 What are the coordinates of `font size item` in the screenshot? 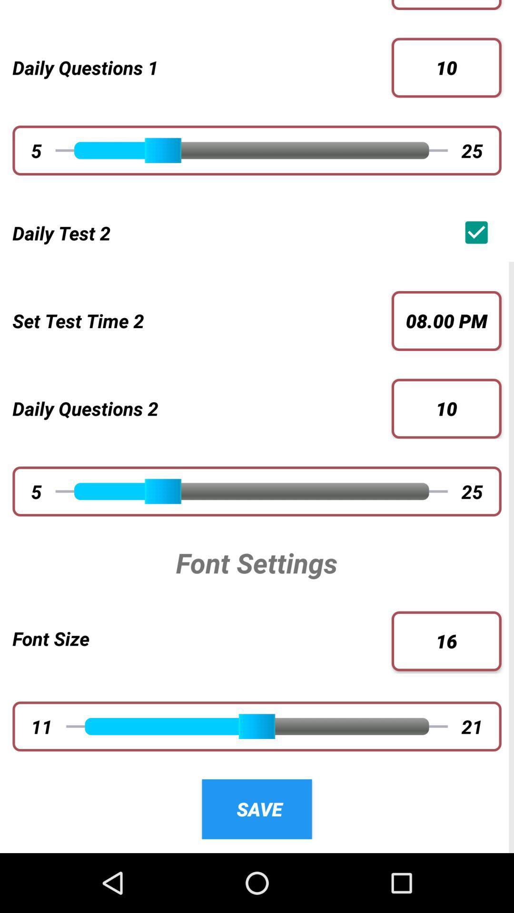 It's located at (201, 638).